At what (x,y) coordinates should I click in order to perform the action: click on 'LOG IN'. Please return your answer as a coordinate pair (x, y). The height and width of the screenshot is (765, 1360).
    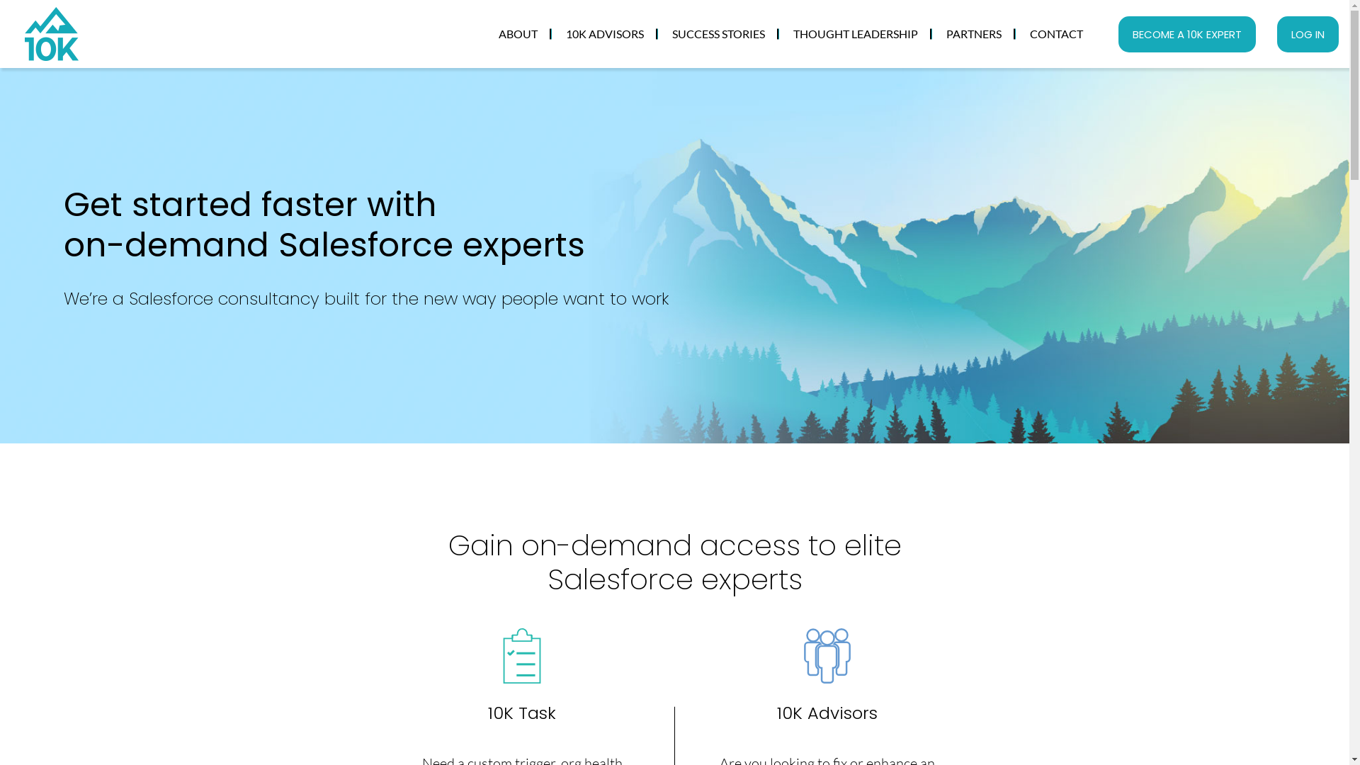
    Looking at the image, I should click on (1277, 33).